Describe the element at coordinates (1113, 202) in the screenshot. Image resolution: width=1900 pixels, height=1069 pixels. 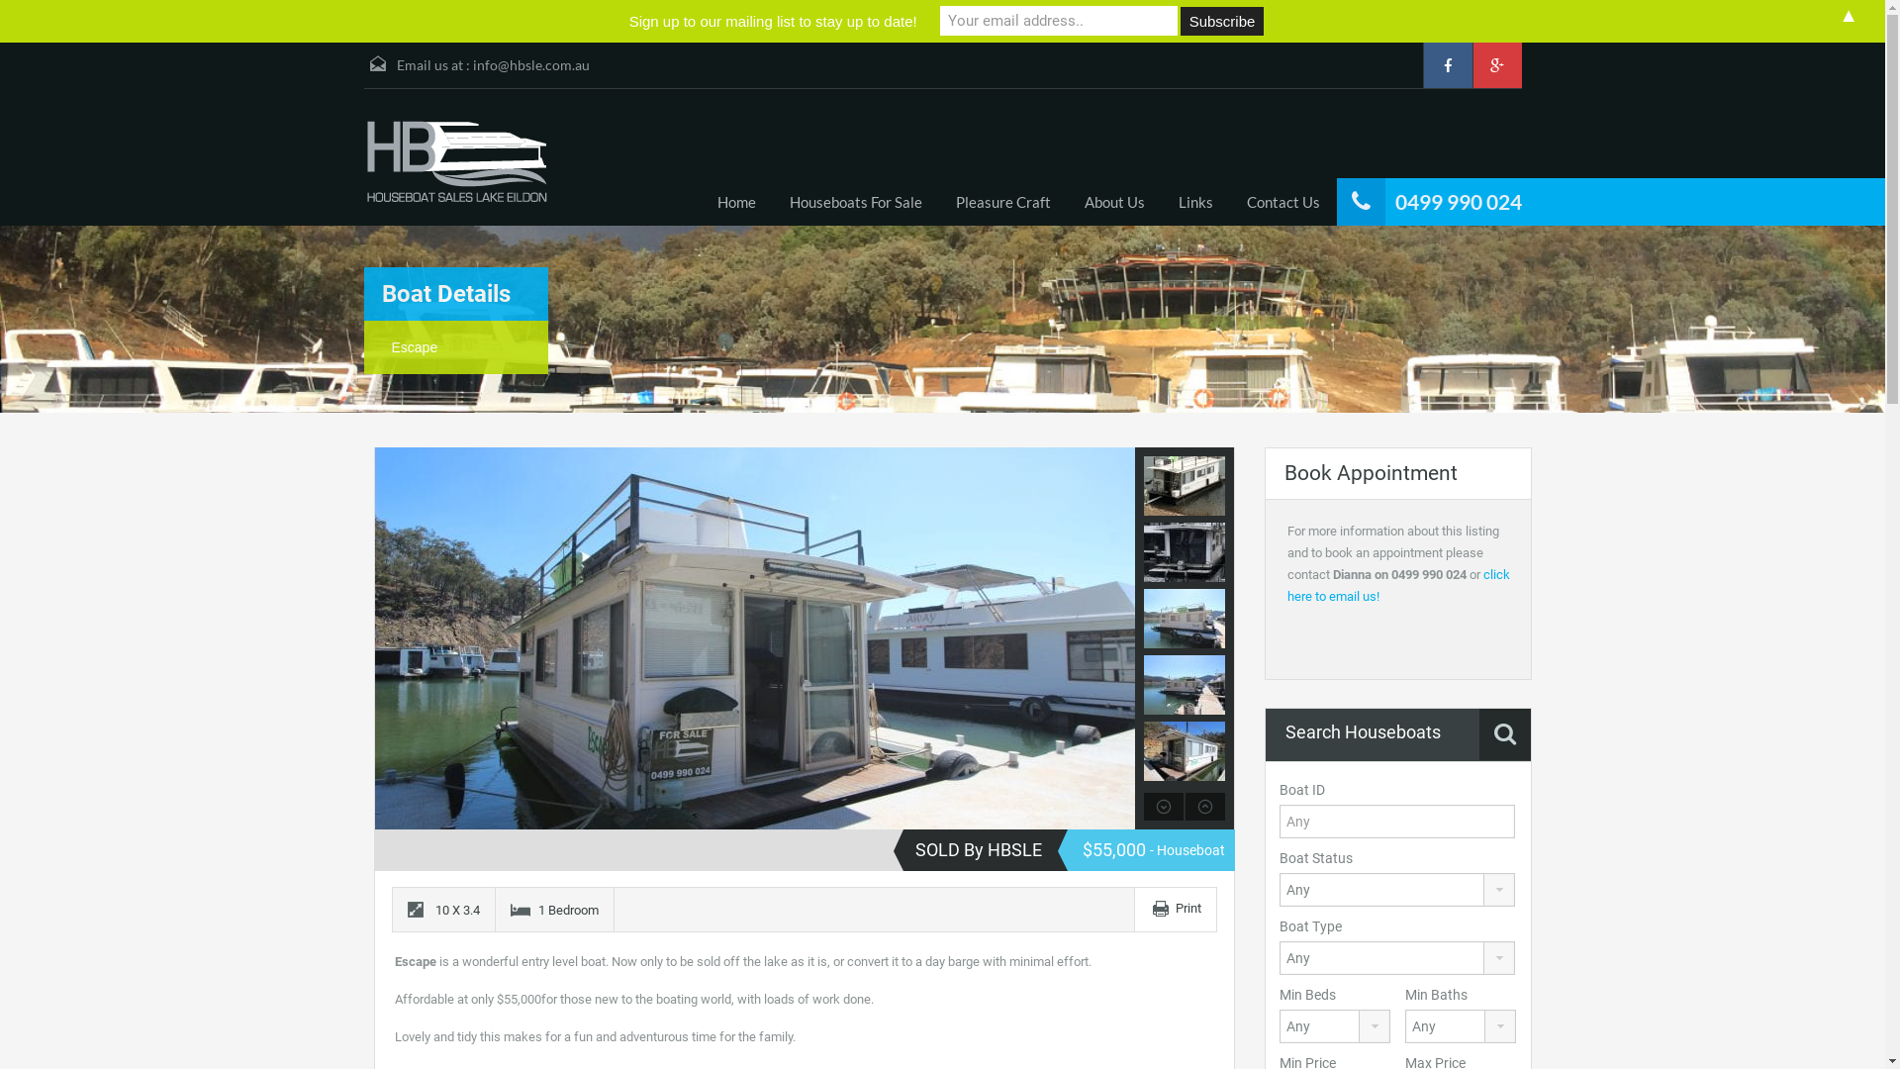
I see `'About Us'` at that location.